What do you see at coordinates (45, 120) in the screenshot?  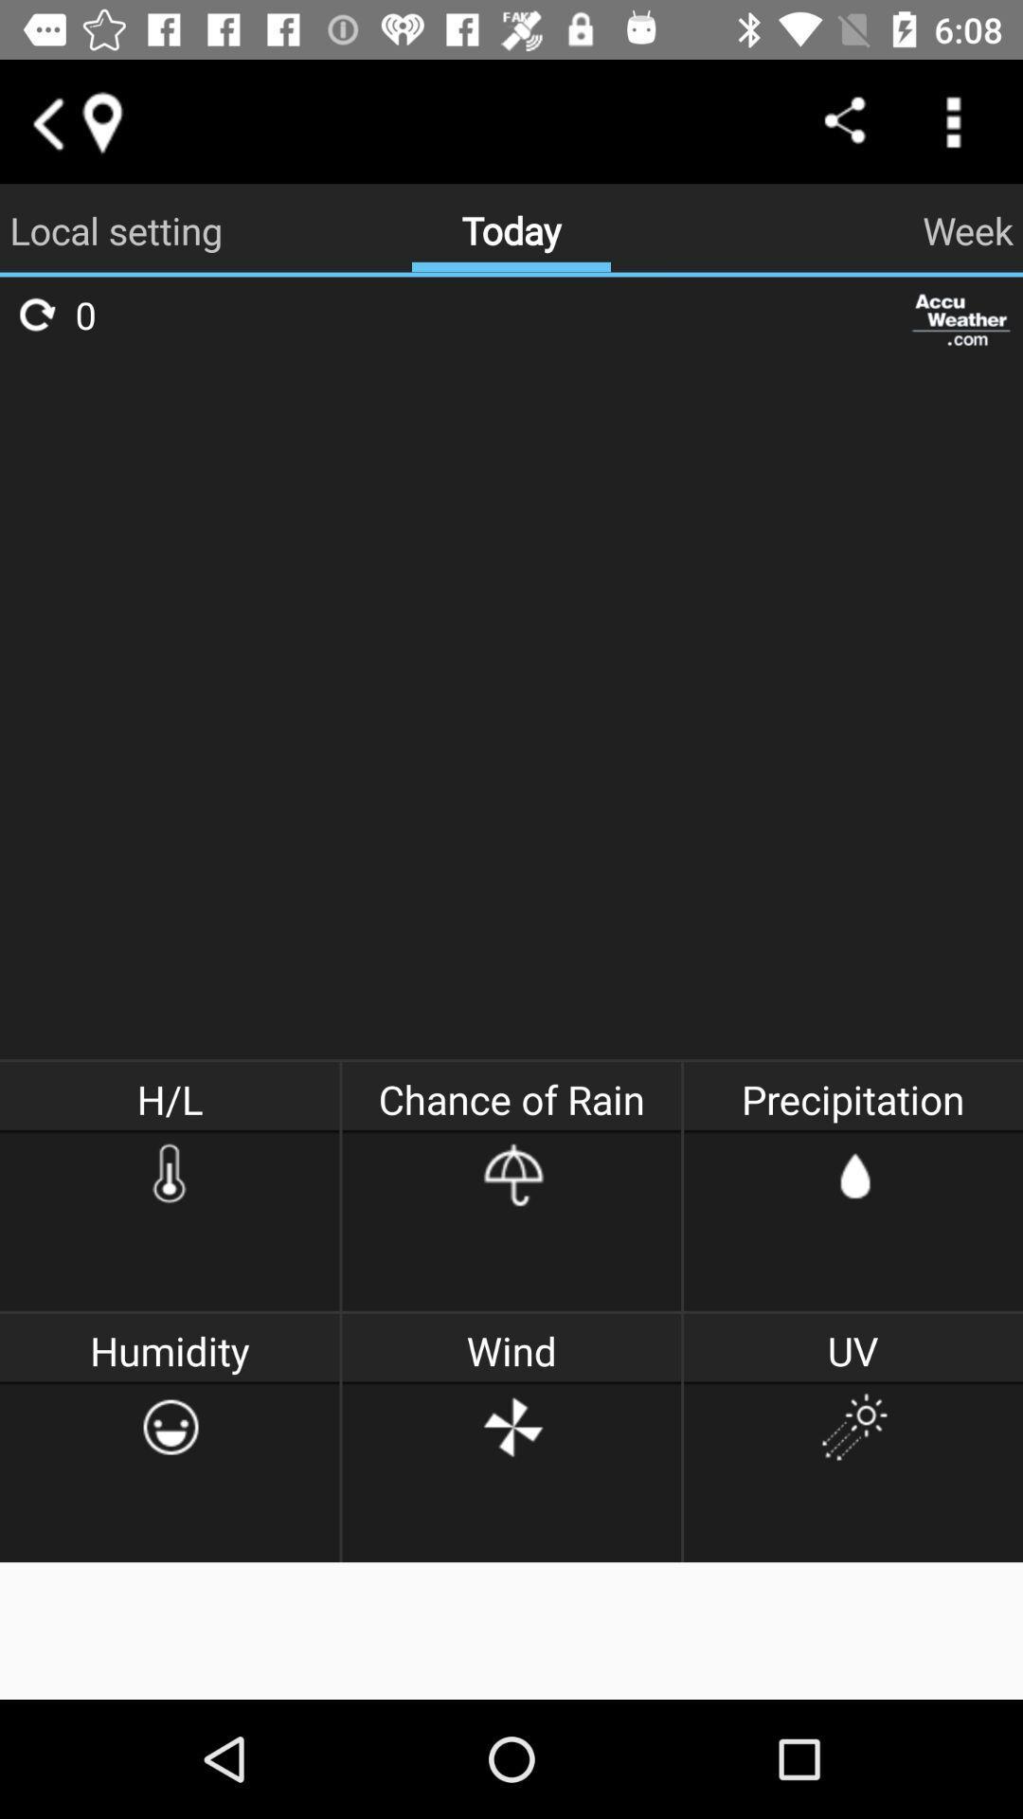 I see `the arrow_backward icon` at bounding box center [45, 120].